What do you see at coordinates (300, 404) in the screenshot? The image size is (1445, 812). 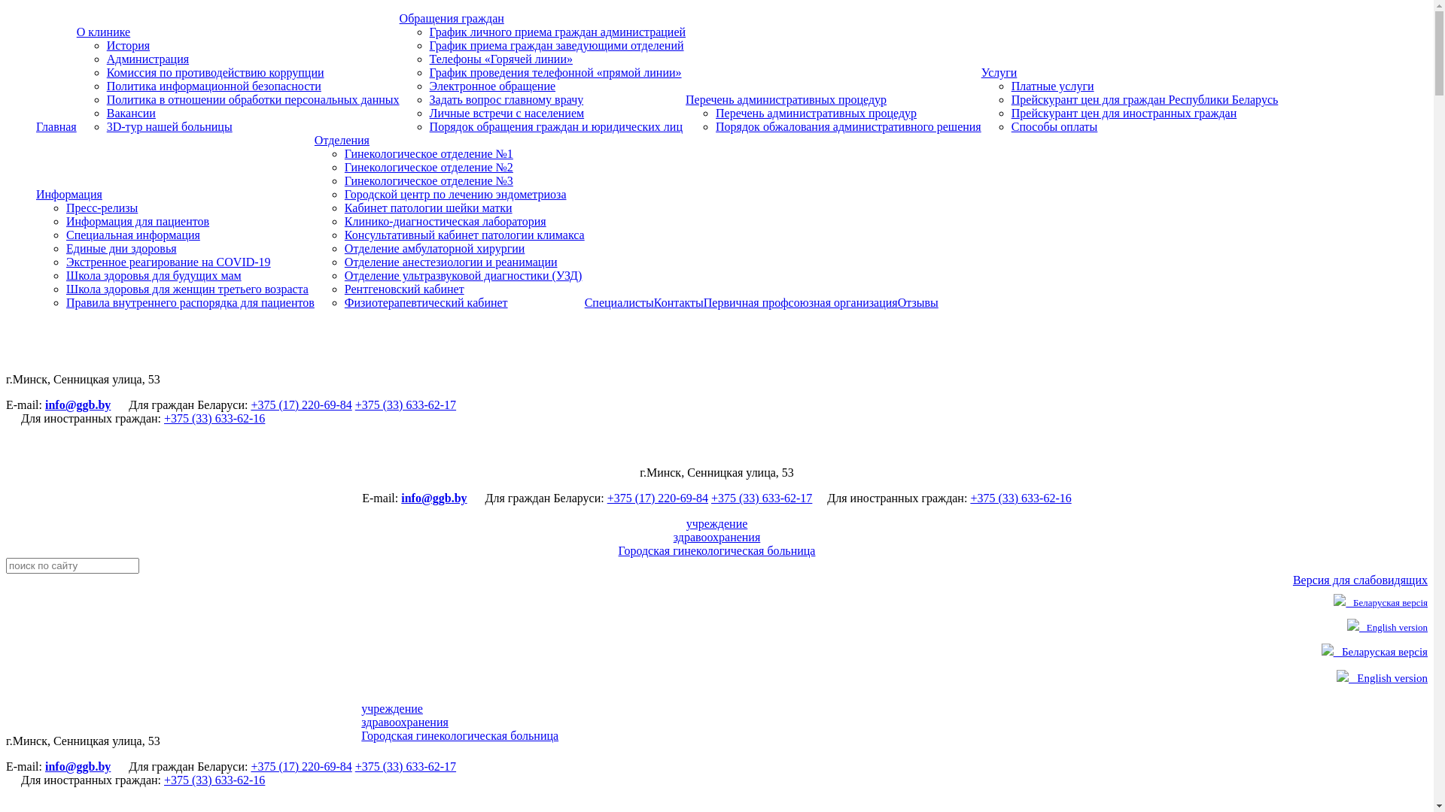 I see `'+375 (17) 220-69-84'` at bounding box center [300, 404].